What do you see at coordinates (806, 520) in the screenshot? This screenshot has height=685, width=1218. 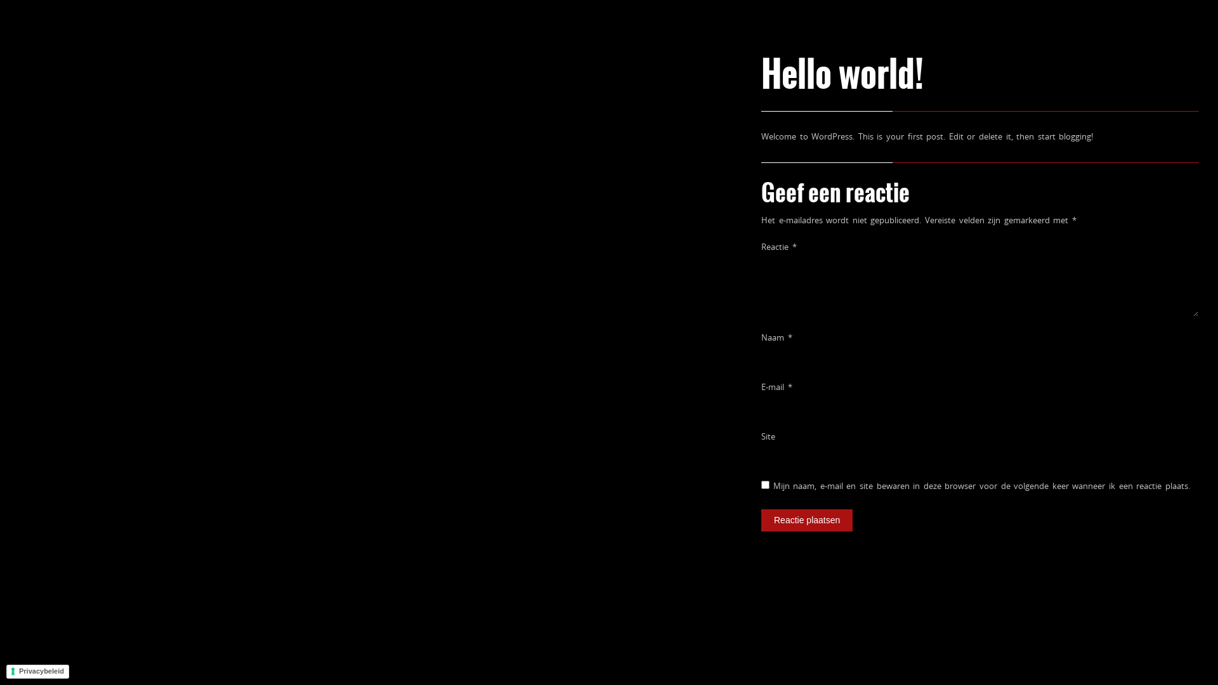 I see `'Reactie plaatsen'` at bounding box center [806, 520].